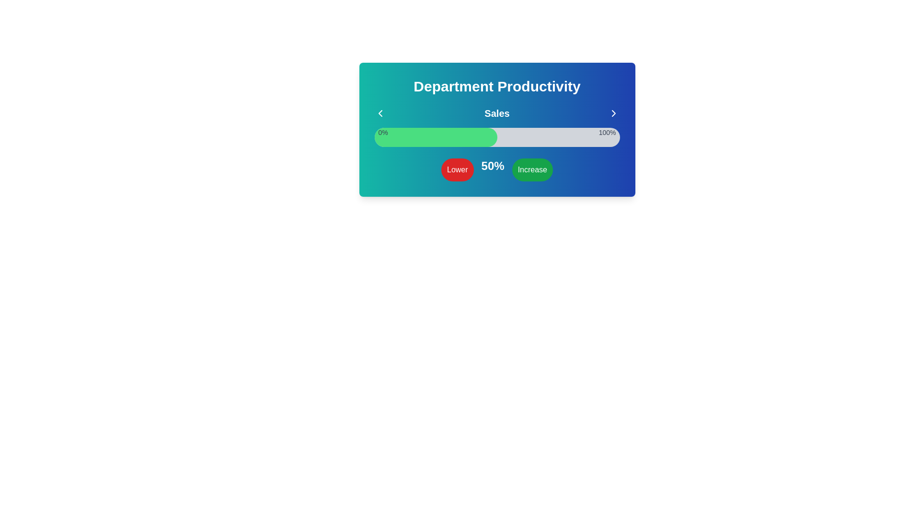 Image resolution: width=920 pixels, height=517 pixels. I want to click on the green 'Increase' button with white text, so click(532, 169).